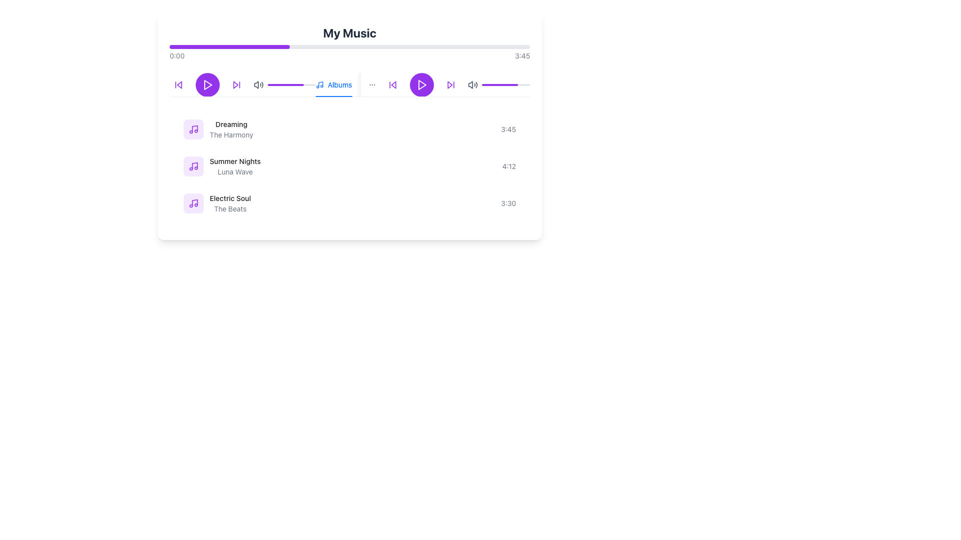  Describe the element at coordinates (222, 165) in the screenshot. I see `the second song entry in the music list` at that location.